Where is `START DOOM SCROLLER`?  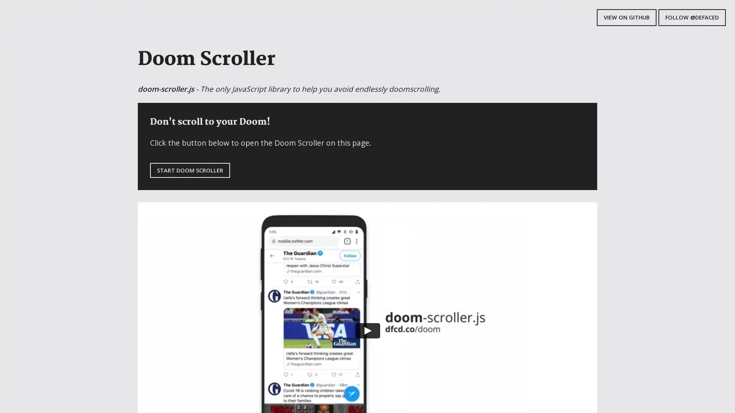 START DOOM SCROLLER is located at coordinates (190, 170).